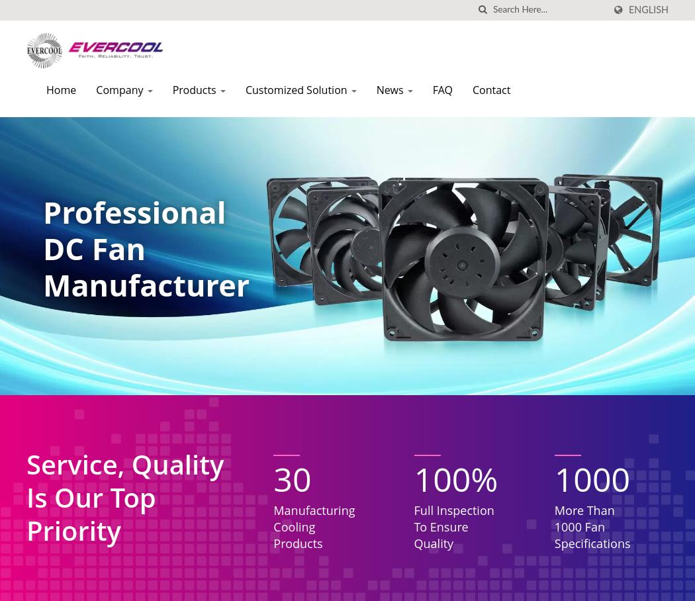 This screenshot has width=695, height=601. What do you see at coordinates (95, 90) in the screenshot?
I see `'Company'` at bounding box center [95, 90].